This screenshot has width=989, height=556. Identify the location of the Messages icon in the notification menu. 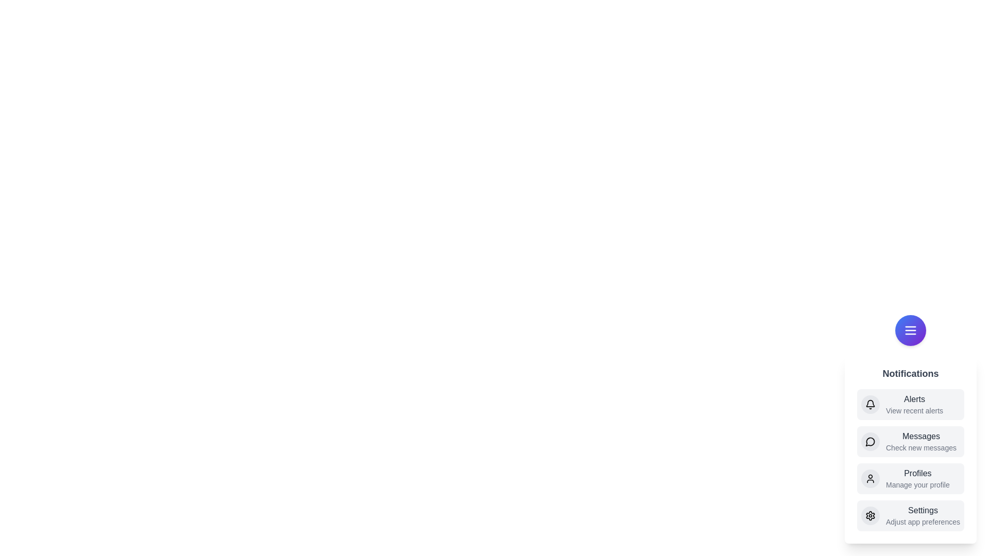
(869, 441).